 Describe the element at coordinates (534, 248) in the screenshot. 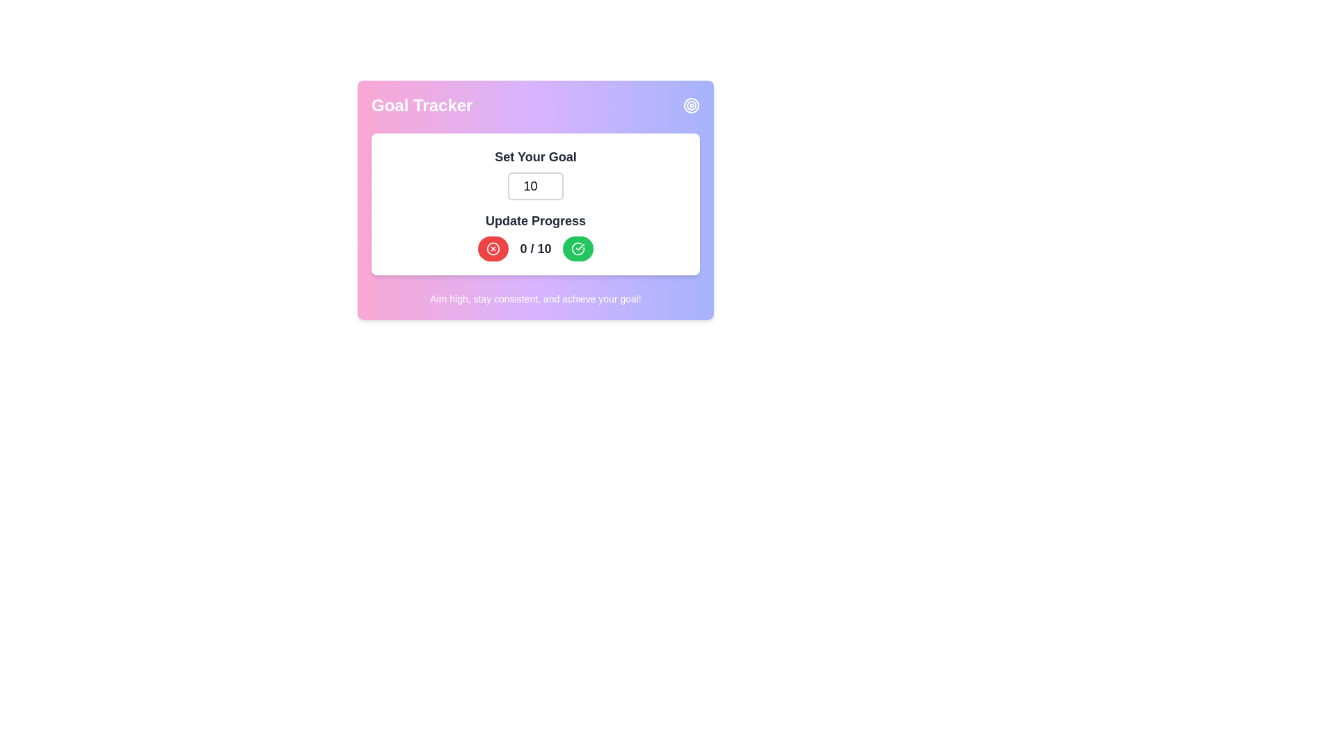

I see `the progress text display located in the 'Update Progress' section, which visually represents the current number achieved versus the total target value` at that location.